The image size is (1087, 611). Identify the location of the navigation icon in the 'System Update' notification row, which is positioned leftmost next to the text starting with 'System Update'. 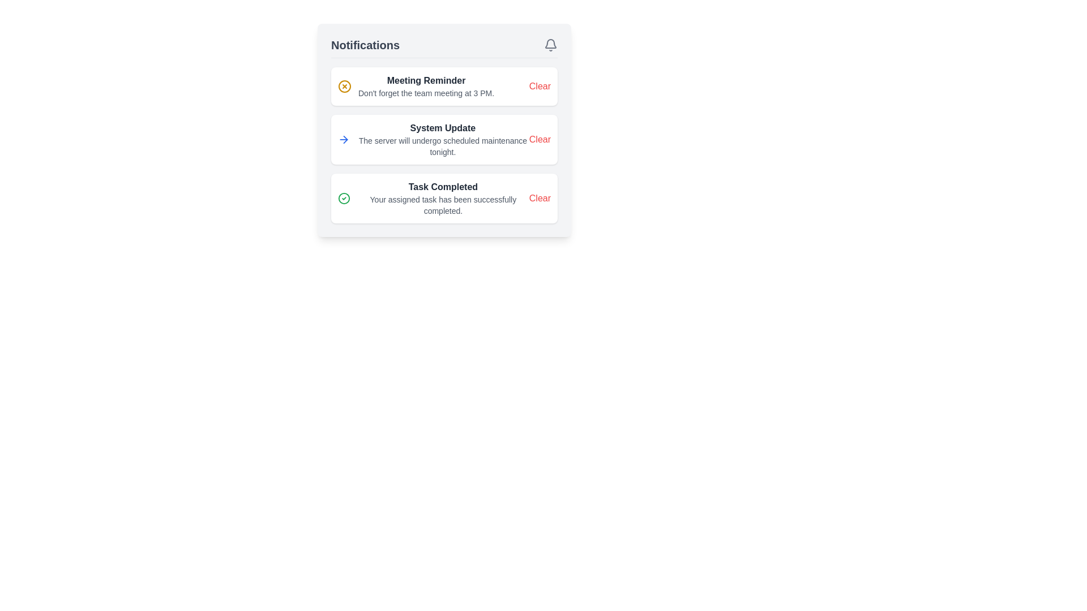
(343, 139).